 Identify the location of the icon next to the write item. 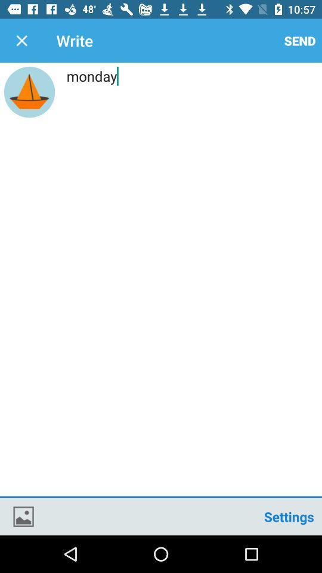
(21, 41).